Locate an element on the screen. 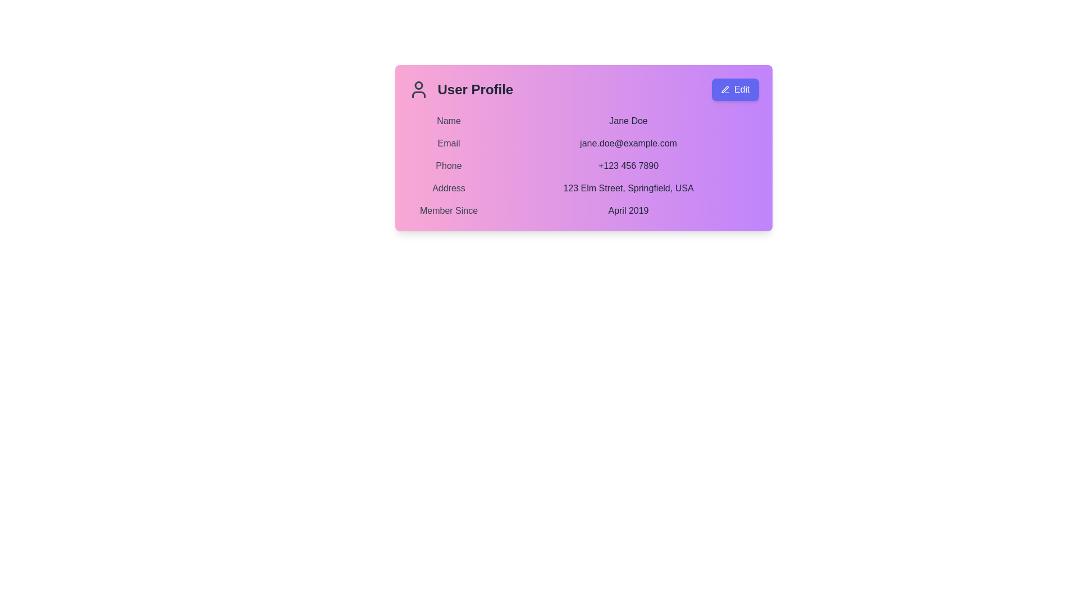  the 'Address' text display element, which consists of the label 'Address' on the left and the content '123 Elm Street, Springfield, USA' on the right, located in the fourth row of a vertically stacked list layout is located at coordinates (583, 187).